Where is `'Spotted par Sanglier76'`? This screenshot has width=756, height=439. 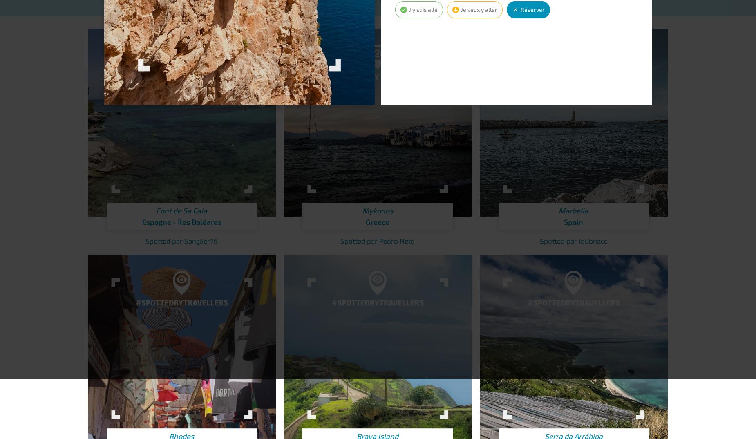 'Spotted par Sanglier76' is located at coordinates (145, 240).